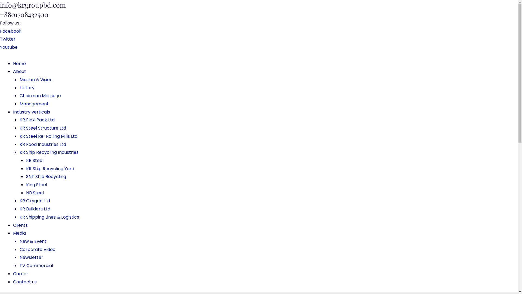 The width and height of the screenshot is (522, 294). Describe the element at coordinates (20, 71) in the screenshot. I see `'About'` at that location.